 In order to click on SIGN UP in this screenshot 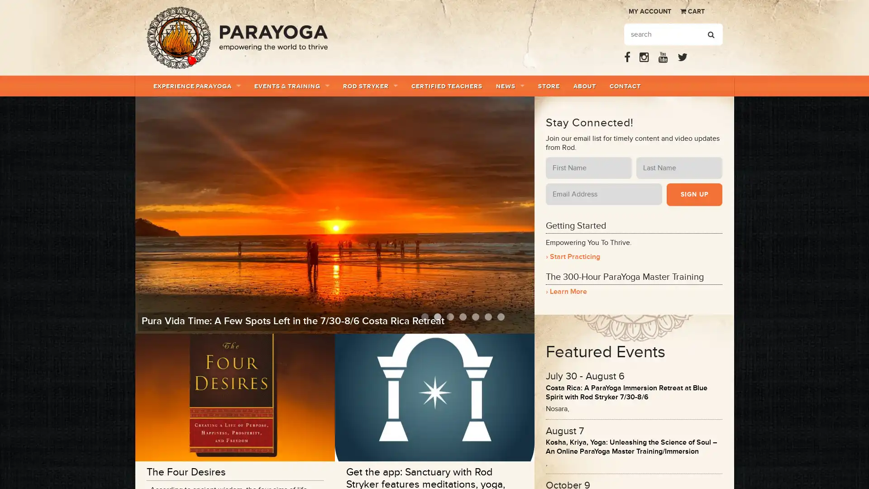, I will do `click(694, 194)`.